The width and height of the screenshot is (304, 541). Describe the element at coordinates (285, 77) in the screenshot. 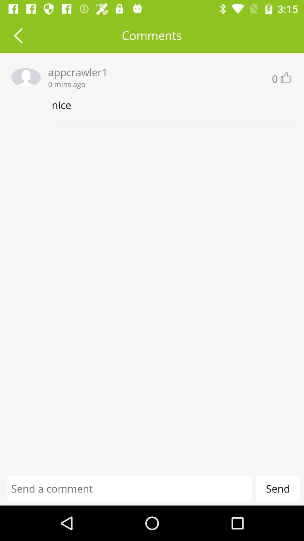

I see `positively rate the application appcrawler1` at that location.